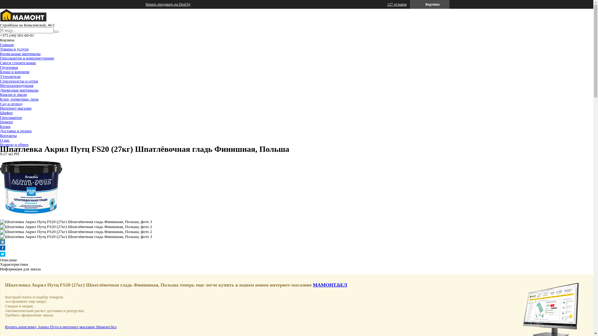  Describe the element at coordinates (0, 255) in the screenshot. I see `'twitter'` at that location.